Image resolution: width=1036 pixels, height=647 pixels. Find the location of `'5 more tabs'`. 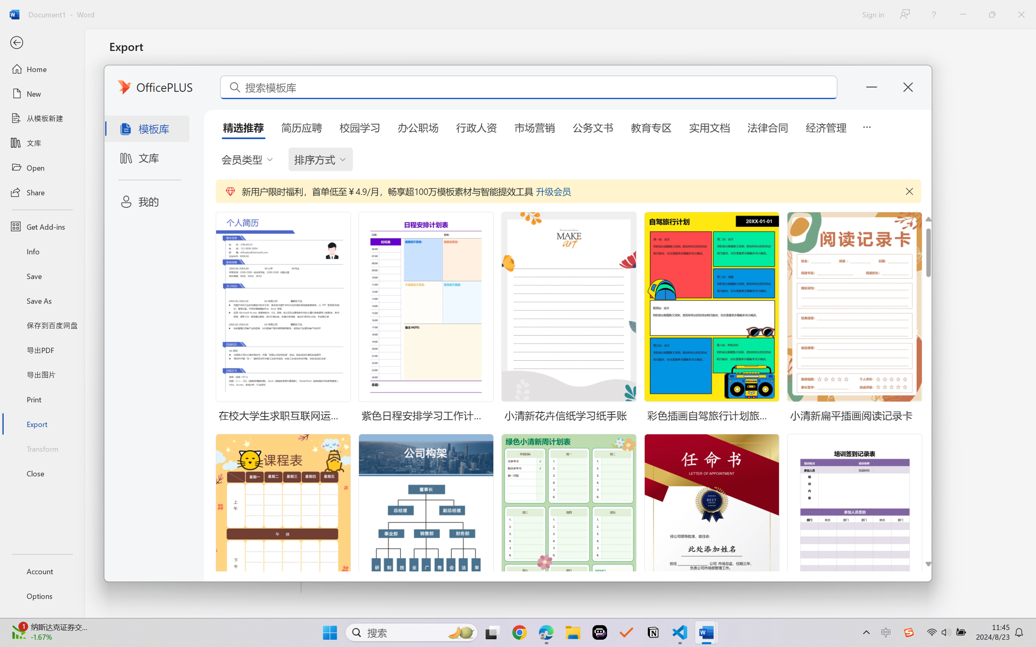

'5 more tabs' is located at coordinates (866, 126).